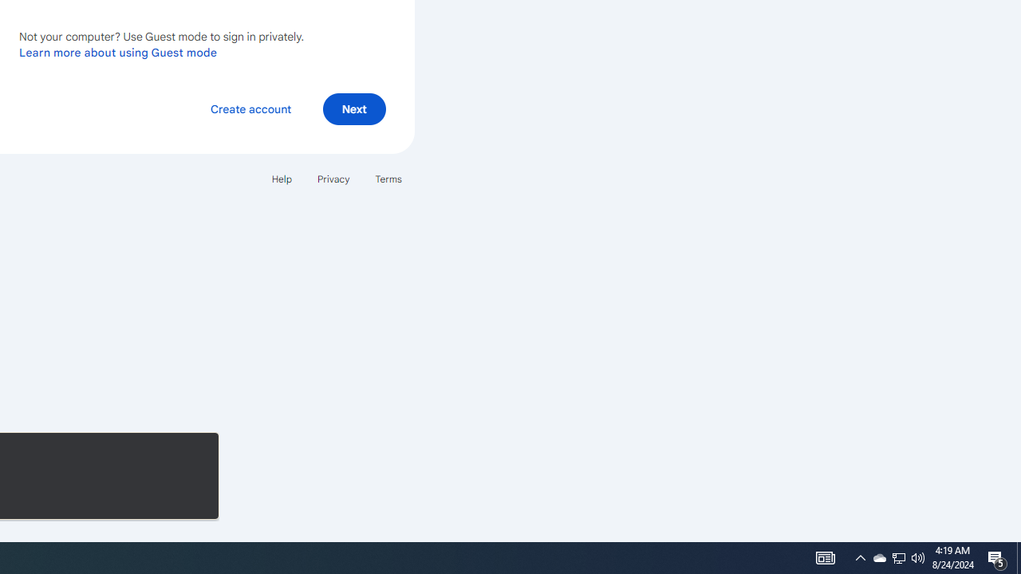 The width and height of the screenshot is (1021, 574). I want to click on 'Create account', so click(250, 108).